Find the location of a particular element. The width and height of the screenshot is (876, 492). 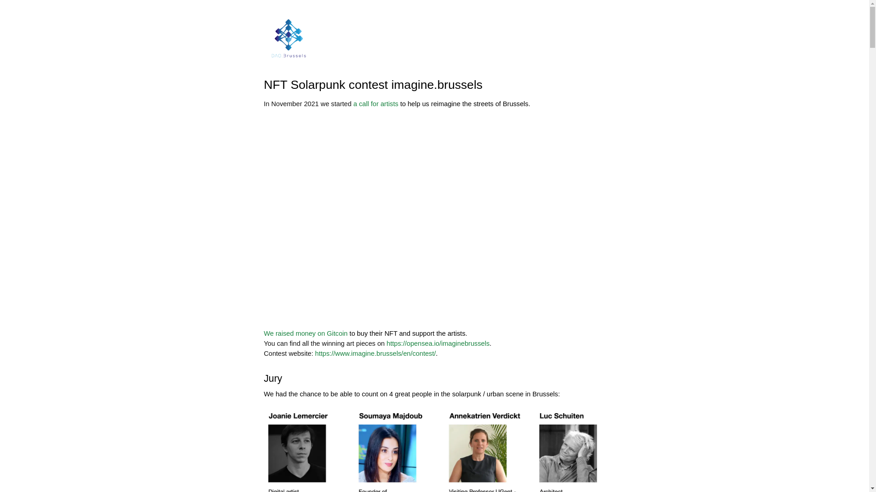

'We raised money on Gitcoin' is located at coordinates (306, 333).